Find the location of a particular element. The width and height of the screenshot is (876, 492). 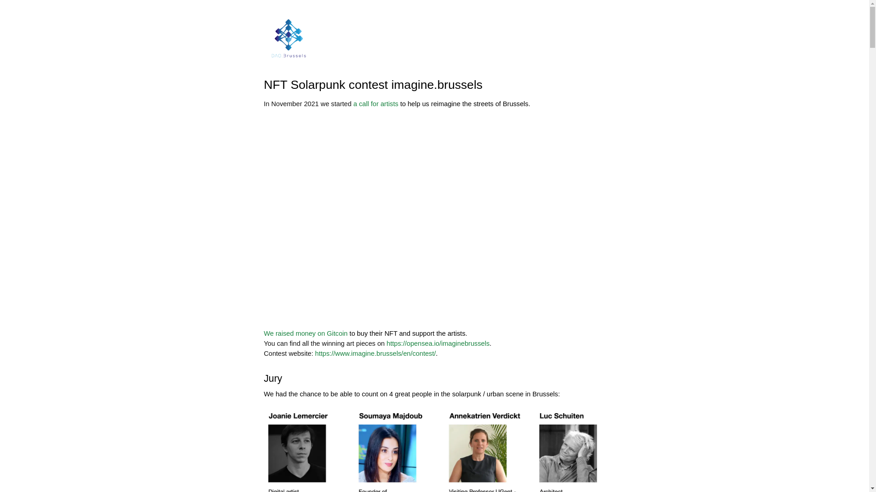

'We raised money on Gitcoin' is located at coordinates (306, 333).